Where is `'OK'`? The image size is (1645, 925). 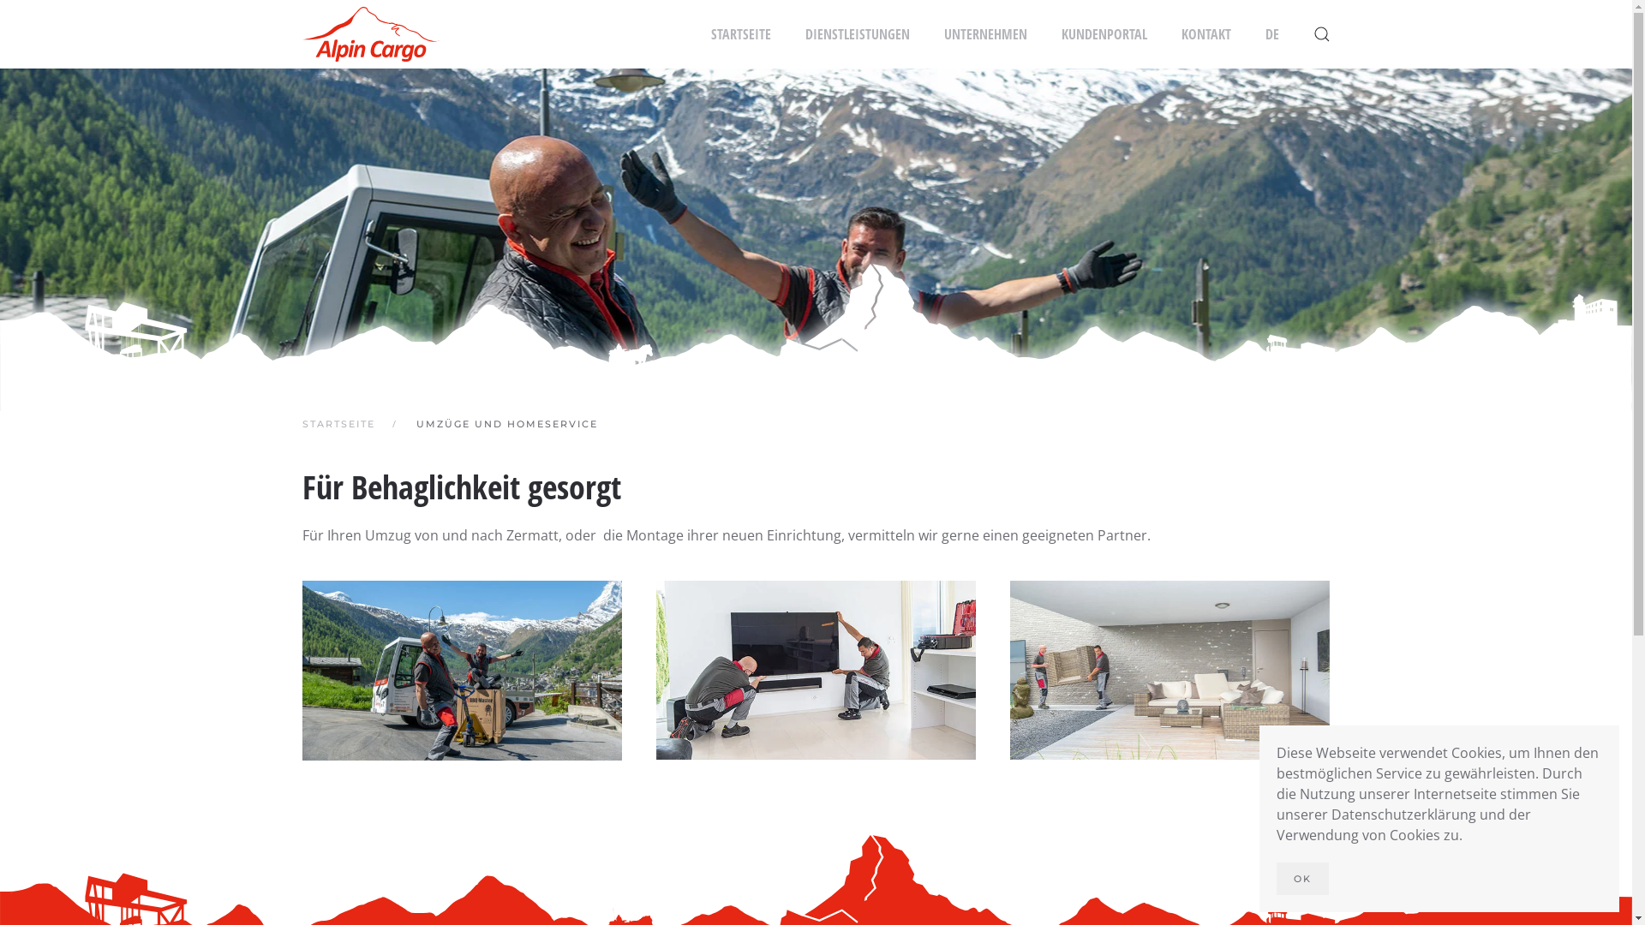 'OK' is located at coordinates (1276, 879).